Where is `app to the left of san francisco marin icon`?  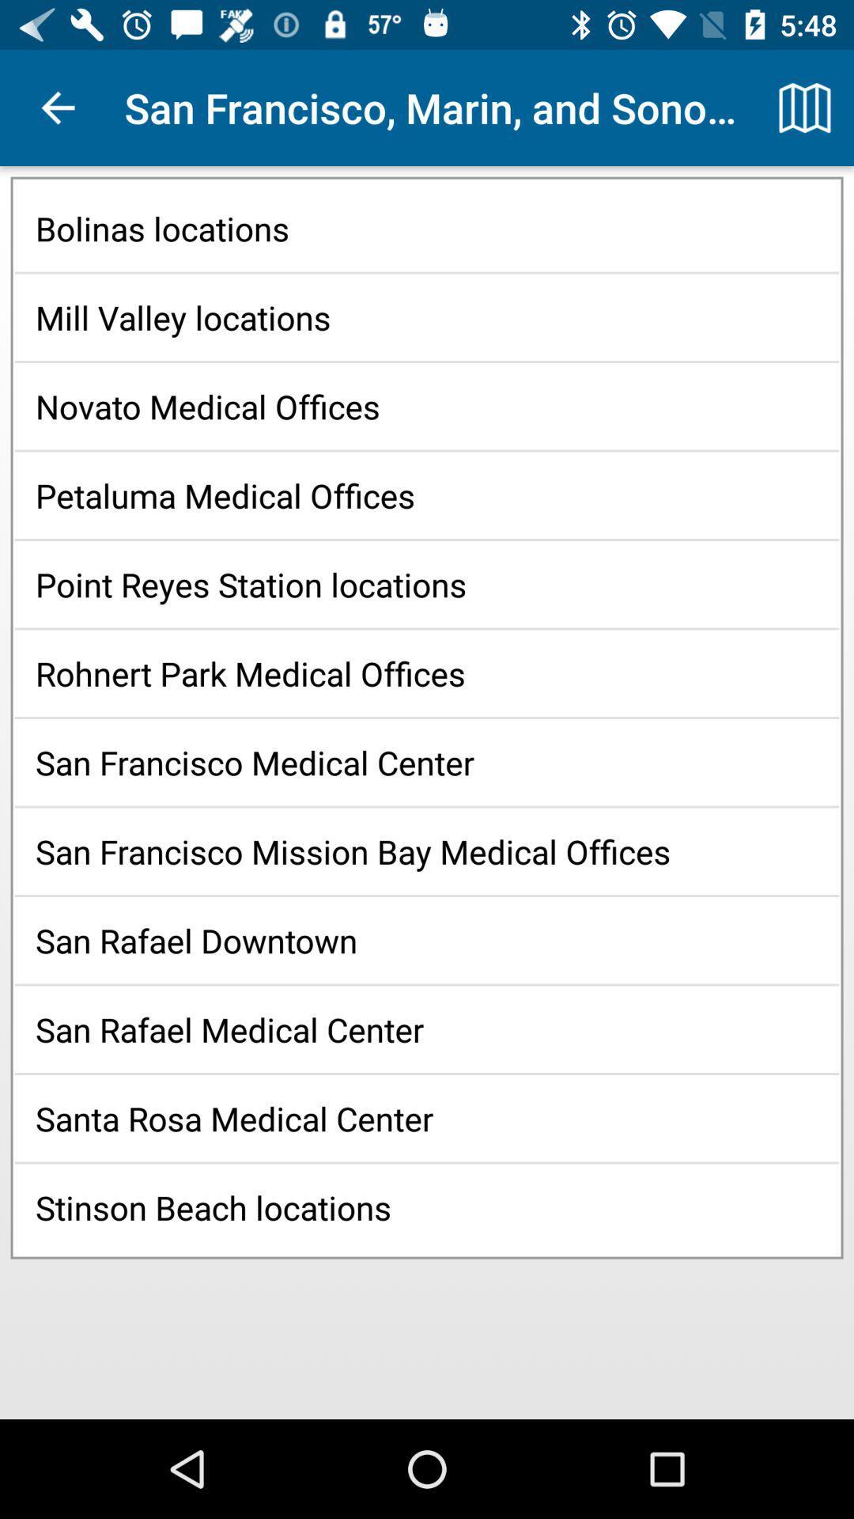 app to the left of san francisco marin icon is located at coordinates (57, 107).